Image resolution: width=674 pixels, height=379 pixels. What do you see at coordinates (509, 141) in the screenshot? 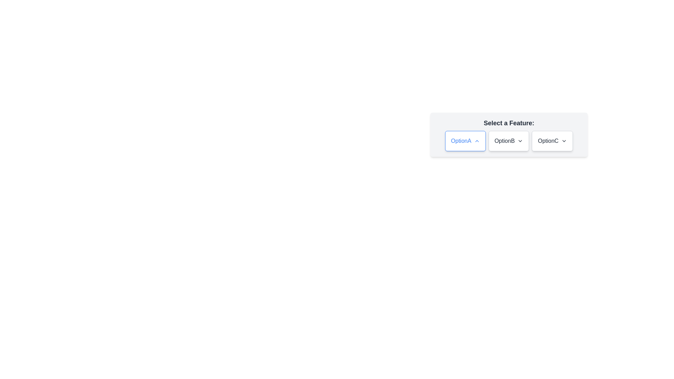
I see `the second button labeled 'OptionB' within the group of three buttons located beneath the text 'Select a Feature:'` at bounding box center [509, 141].